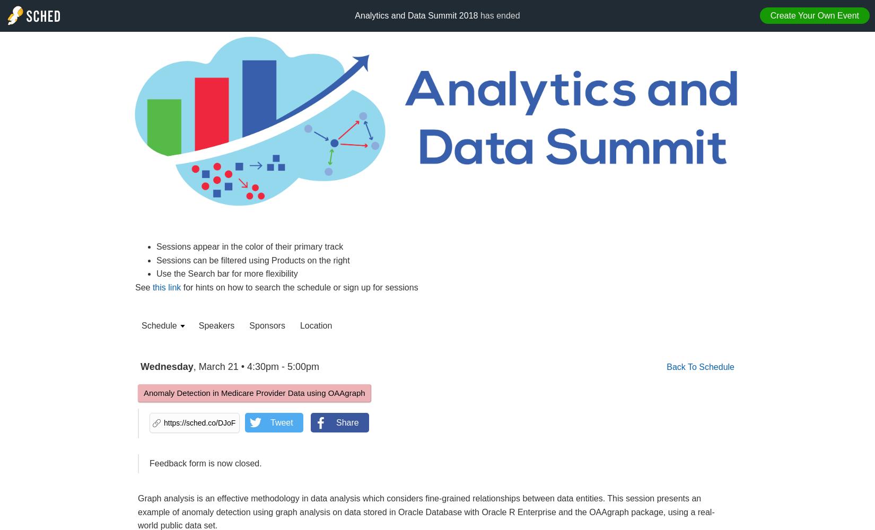  I want to click on 'Sessions can be filtered using Products on the right', so click(252, 259).